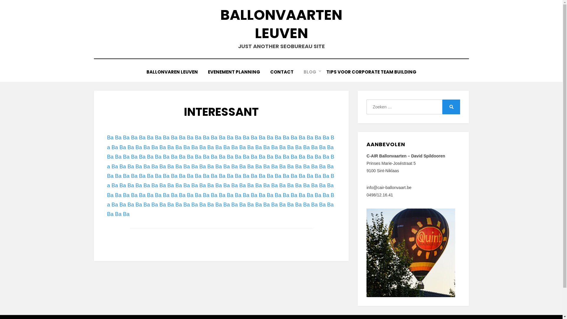 The width and height of the screenshot is (567, 319). What do you see at coordinates (319, 166) in the screenshot?
I see `'Ba'` at bounding box center [319, 166].